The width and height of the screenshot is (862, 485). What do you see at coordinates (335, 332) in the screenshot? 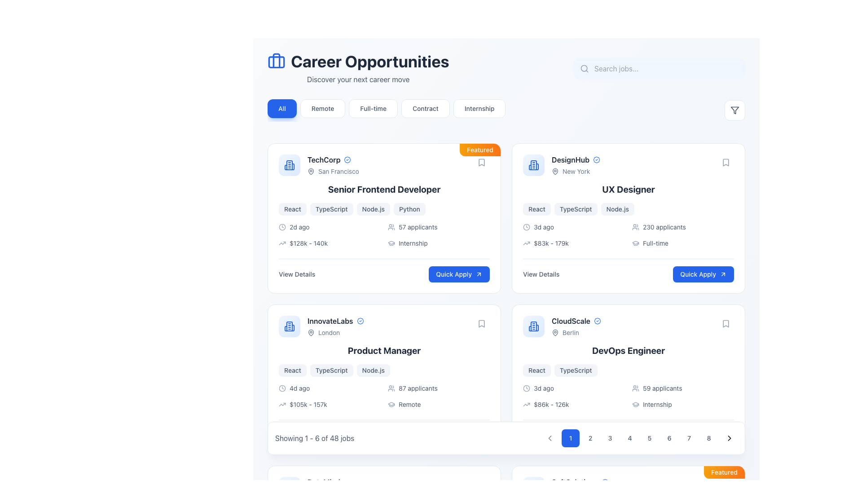
I see `the text label that indicates the job location, which is positioned under the job title and company name in the job listing card` at bounding box center [335, 332].